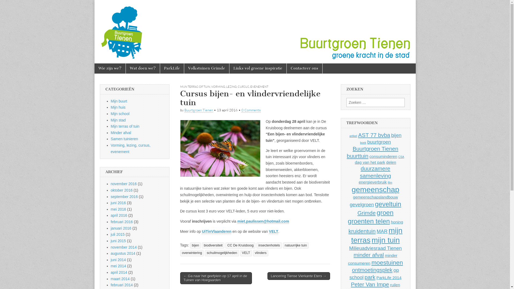 This screenshot has height=289, width=514. I want to click on 'moestuinen', so click(387, 262).